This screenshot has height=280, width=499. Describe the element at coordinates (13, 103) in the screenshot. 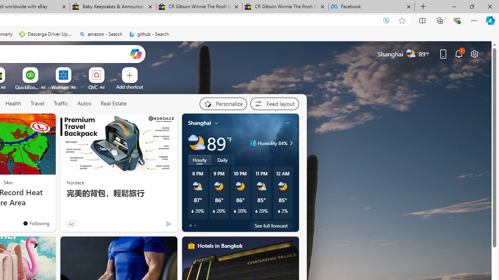

I see `'Health'` at that location.